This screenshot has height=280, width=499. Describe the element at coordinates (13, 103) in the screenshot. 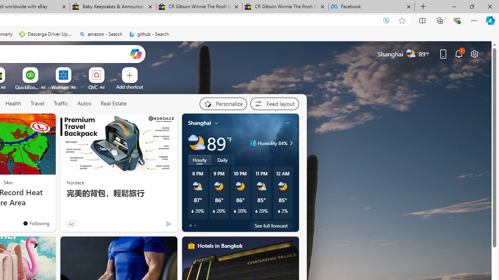

I see `'Health'` at that location.